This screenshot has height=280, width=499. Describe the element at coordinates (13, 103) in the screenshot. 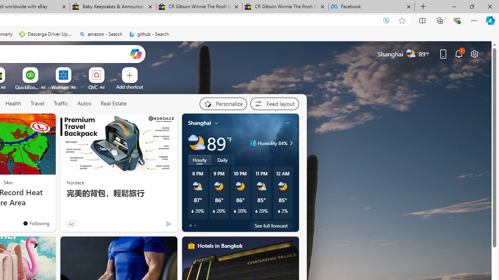

I see `'Health'` at that location.